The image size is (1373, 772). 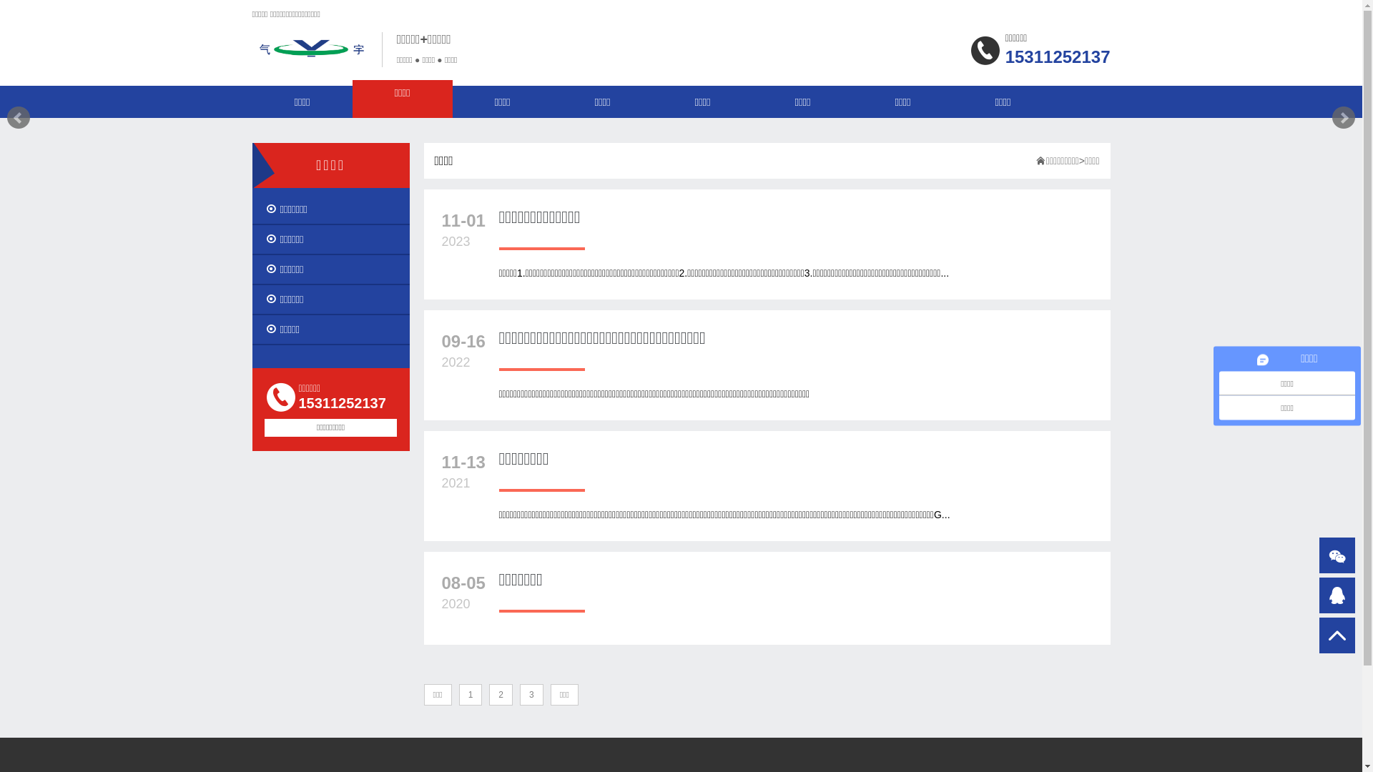 What do you see at coordinates (18, 117) in the screenshot?
I see `'Prev'` at bounding box center [18, 117].